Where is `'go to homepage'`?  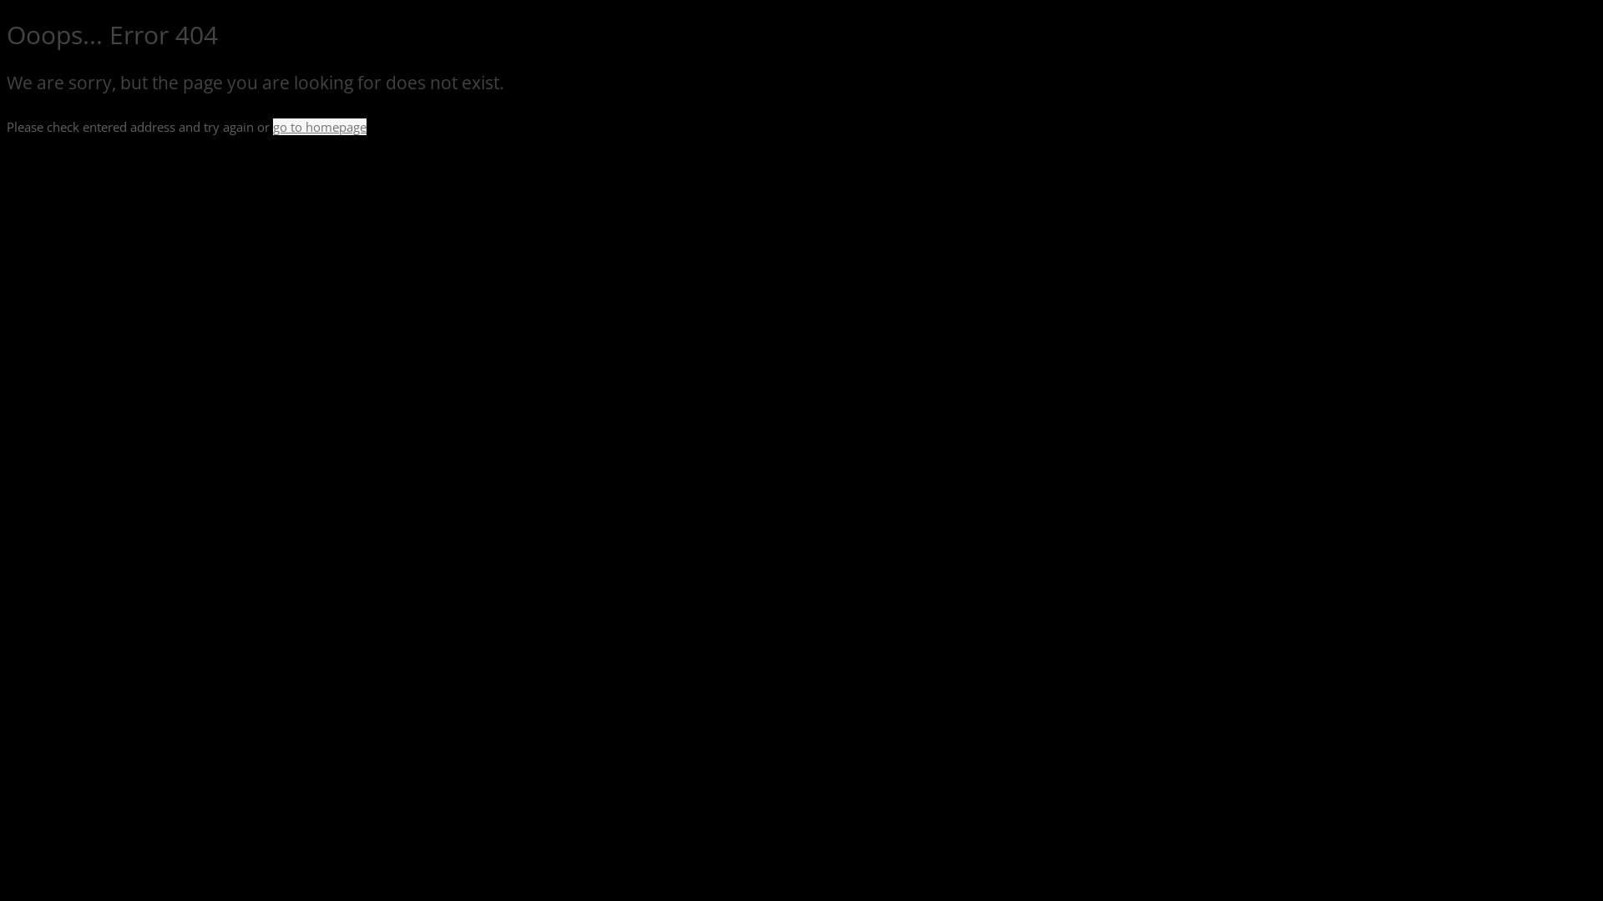 'go to homepage' is located at coordinates (320, 125).